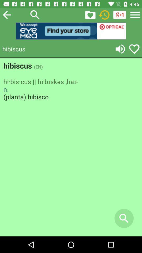  I want to click on speaker button, so click(120, 49).